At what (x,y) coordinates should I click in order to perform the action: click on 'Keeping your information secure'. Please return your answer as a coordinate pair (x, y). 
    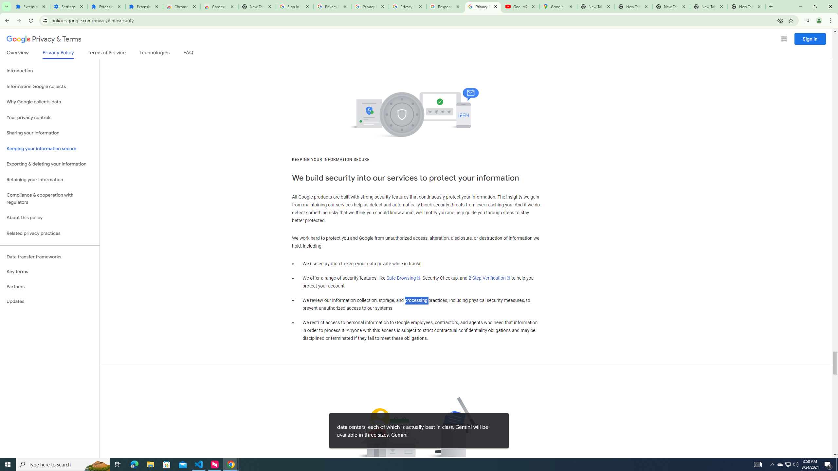
    Looking at the image, I should click on (49, 149).